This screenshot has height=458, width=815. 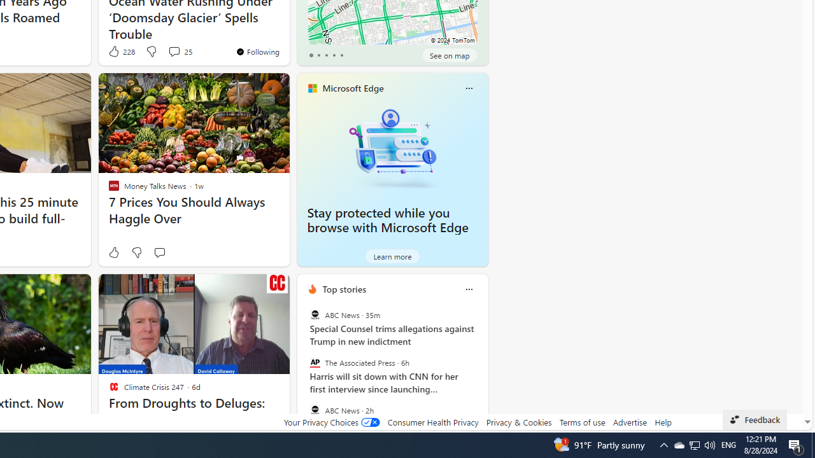 What do you see at coordinates (113, 253) in the screenshot?
I see `'Like'` at bounding box center [113, 253].